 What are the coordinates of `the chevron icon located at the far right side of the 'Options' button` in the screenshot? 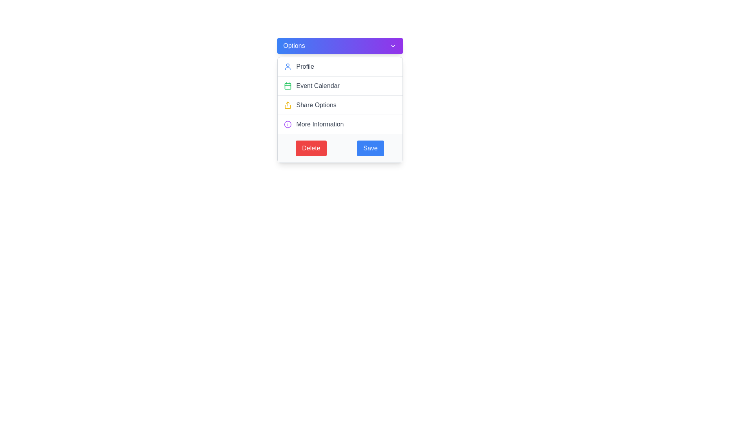 It's located at (393, 46).